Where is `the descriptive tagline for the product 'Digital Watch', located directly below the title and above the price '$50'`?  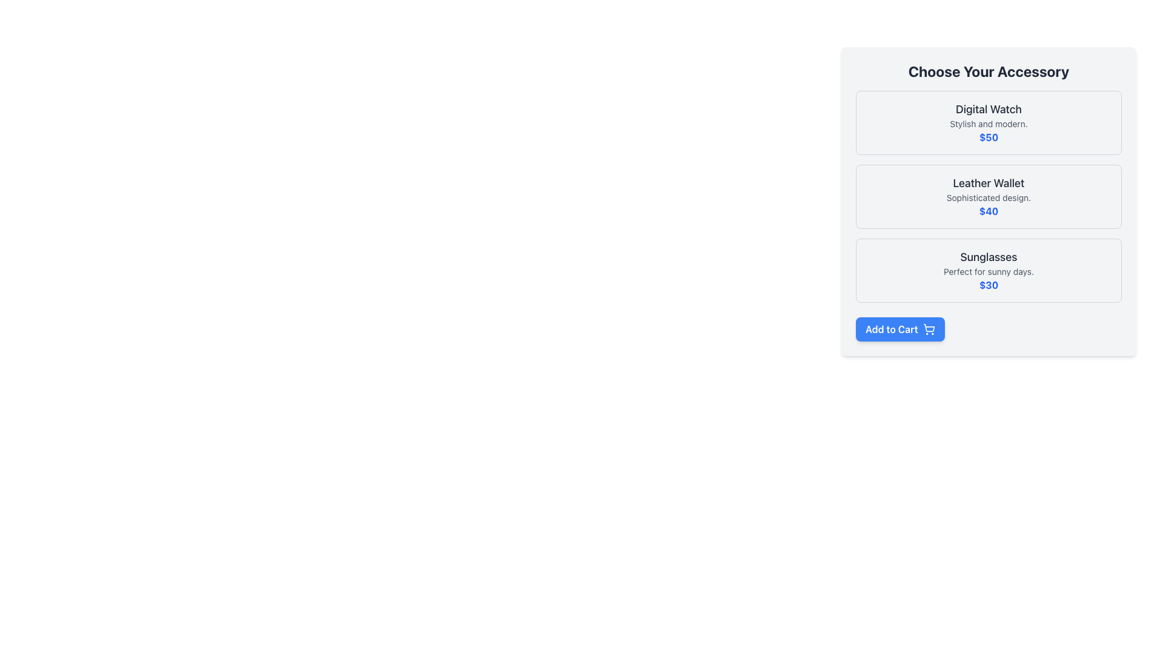 the descriptive tagline for the product 'Digital Watch', located directly below the title and above the price '$50' is located at coordinates (989, 124).